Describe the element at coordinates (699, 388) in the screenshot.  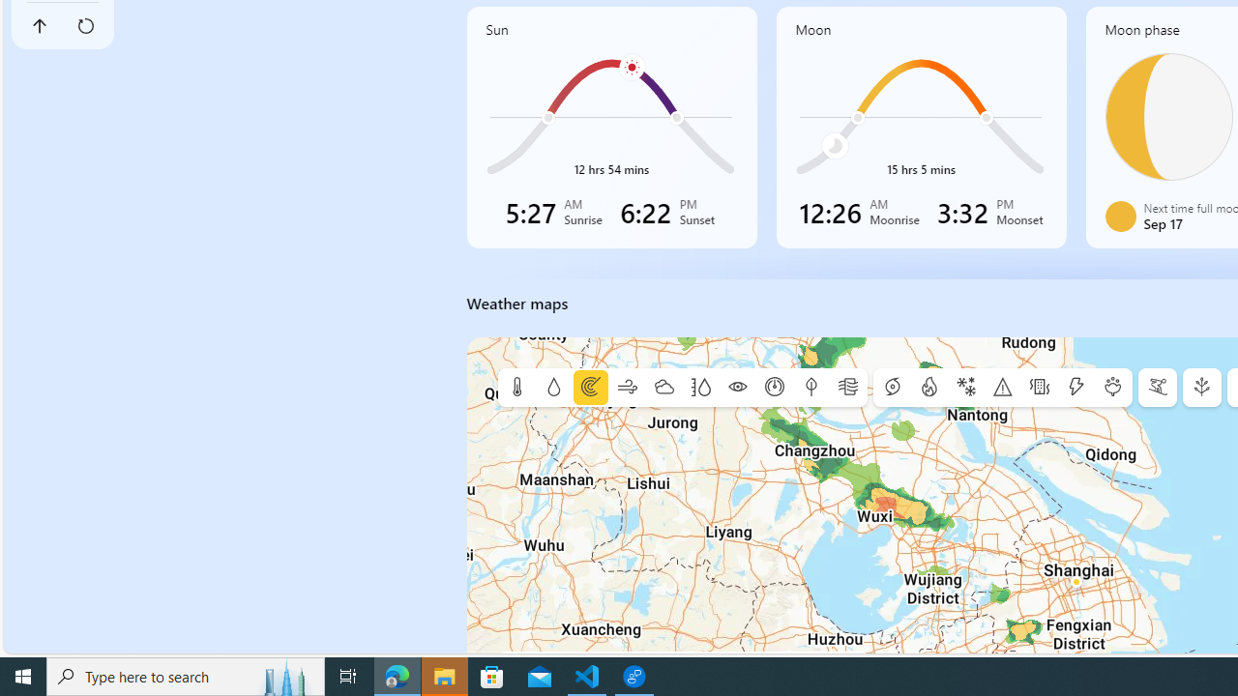
I see `'Humidity'` at that location.